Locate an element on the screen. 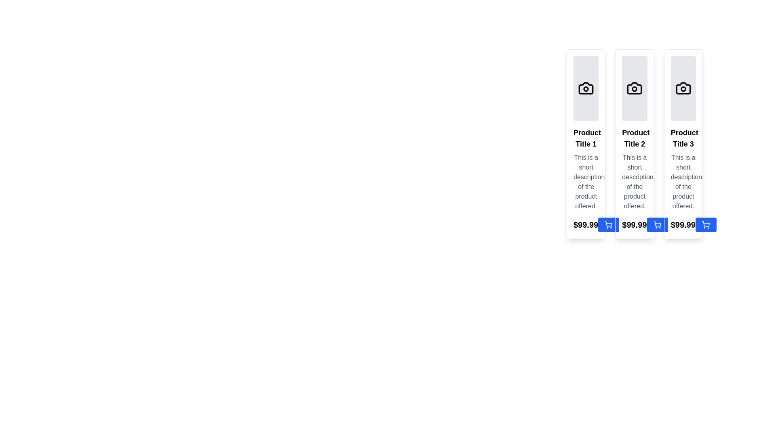  the first product card in the grid is located at coordinates (586, 144).